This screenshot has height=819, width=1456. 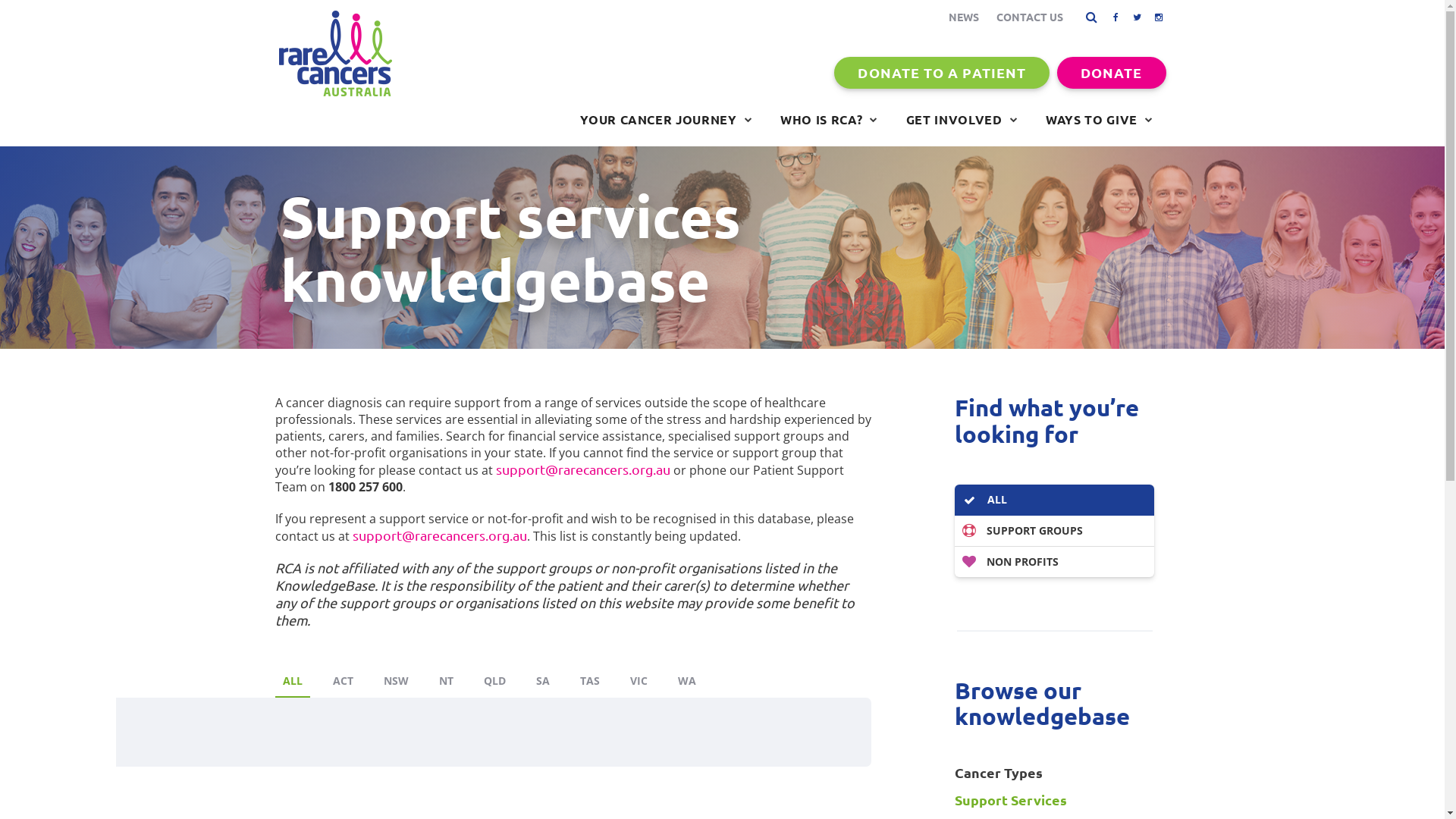 I want to click on 'GET INVOLVED', so click(x=961, y=119).